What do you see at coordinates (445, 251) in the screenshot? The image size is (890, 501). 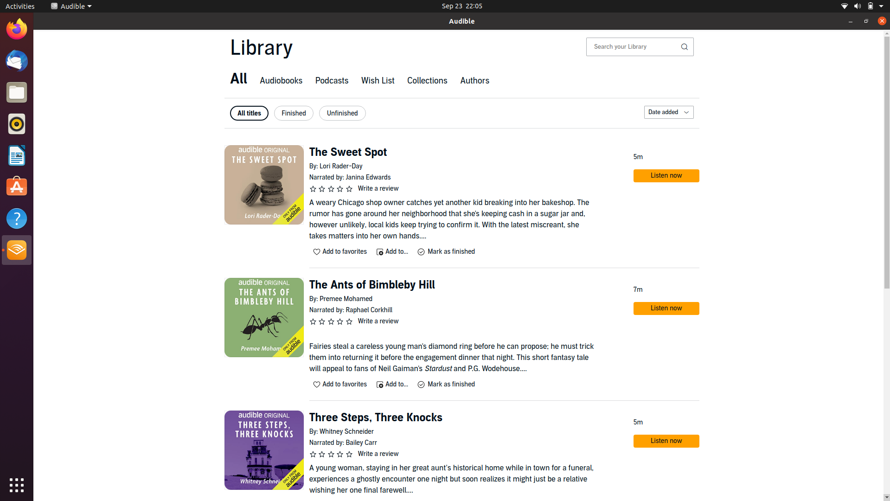 I see `Declare "The Sweet Spot" as complete and ensure its listing under finished tab` at bounding box center [445, 251].